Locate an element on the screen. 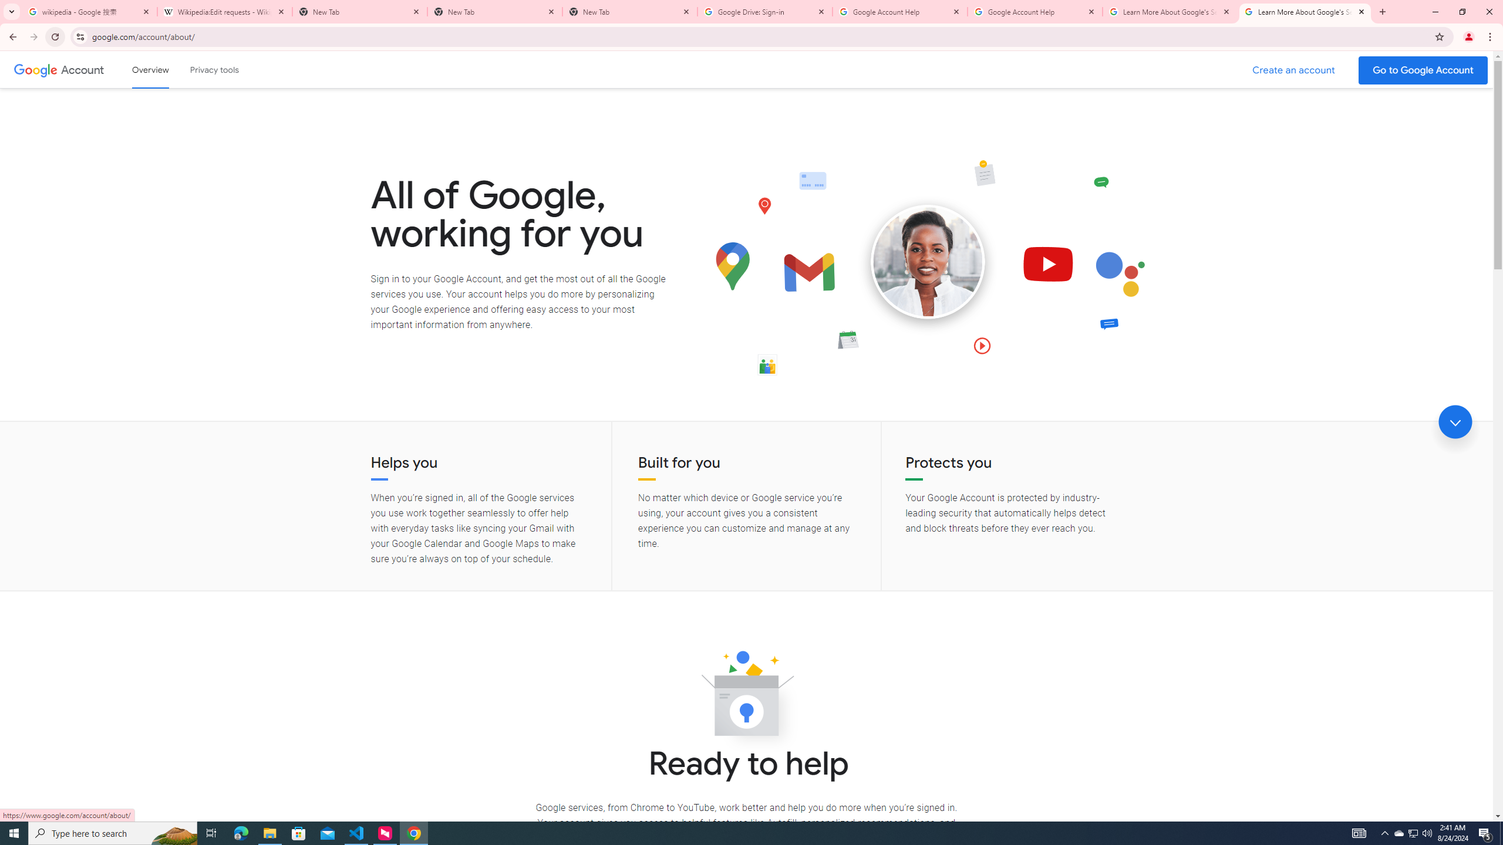  'Wikipedia:Edit requests - Wikipedia' is located at coordinates (224, 11).